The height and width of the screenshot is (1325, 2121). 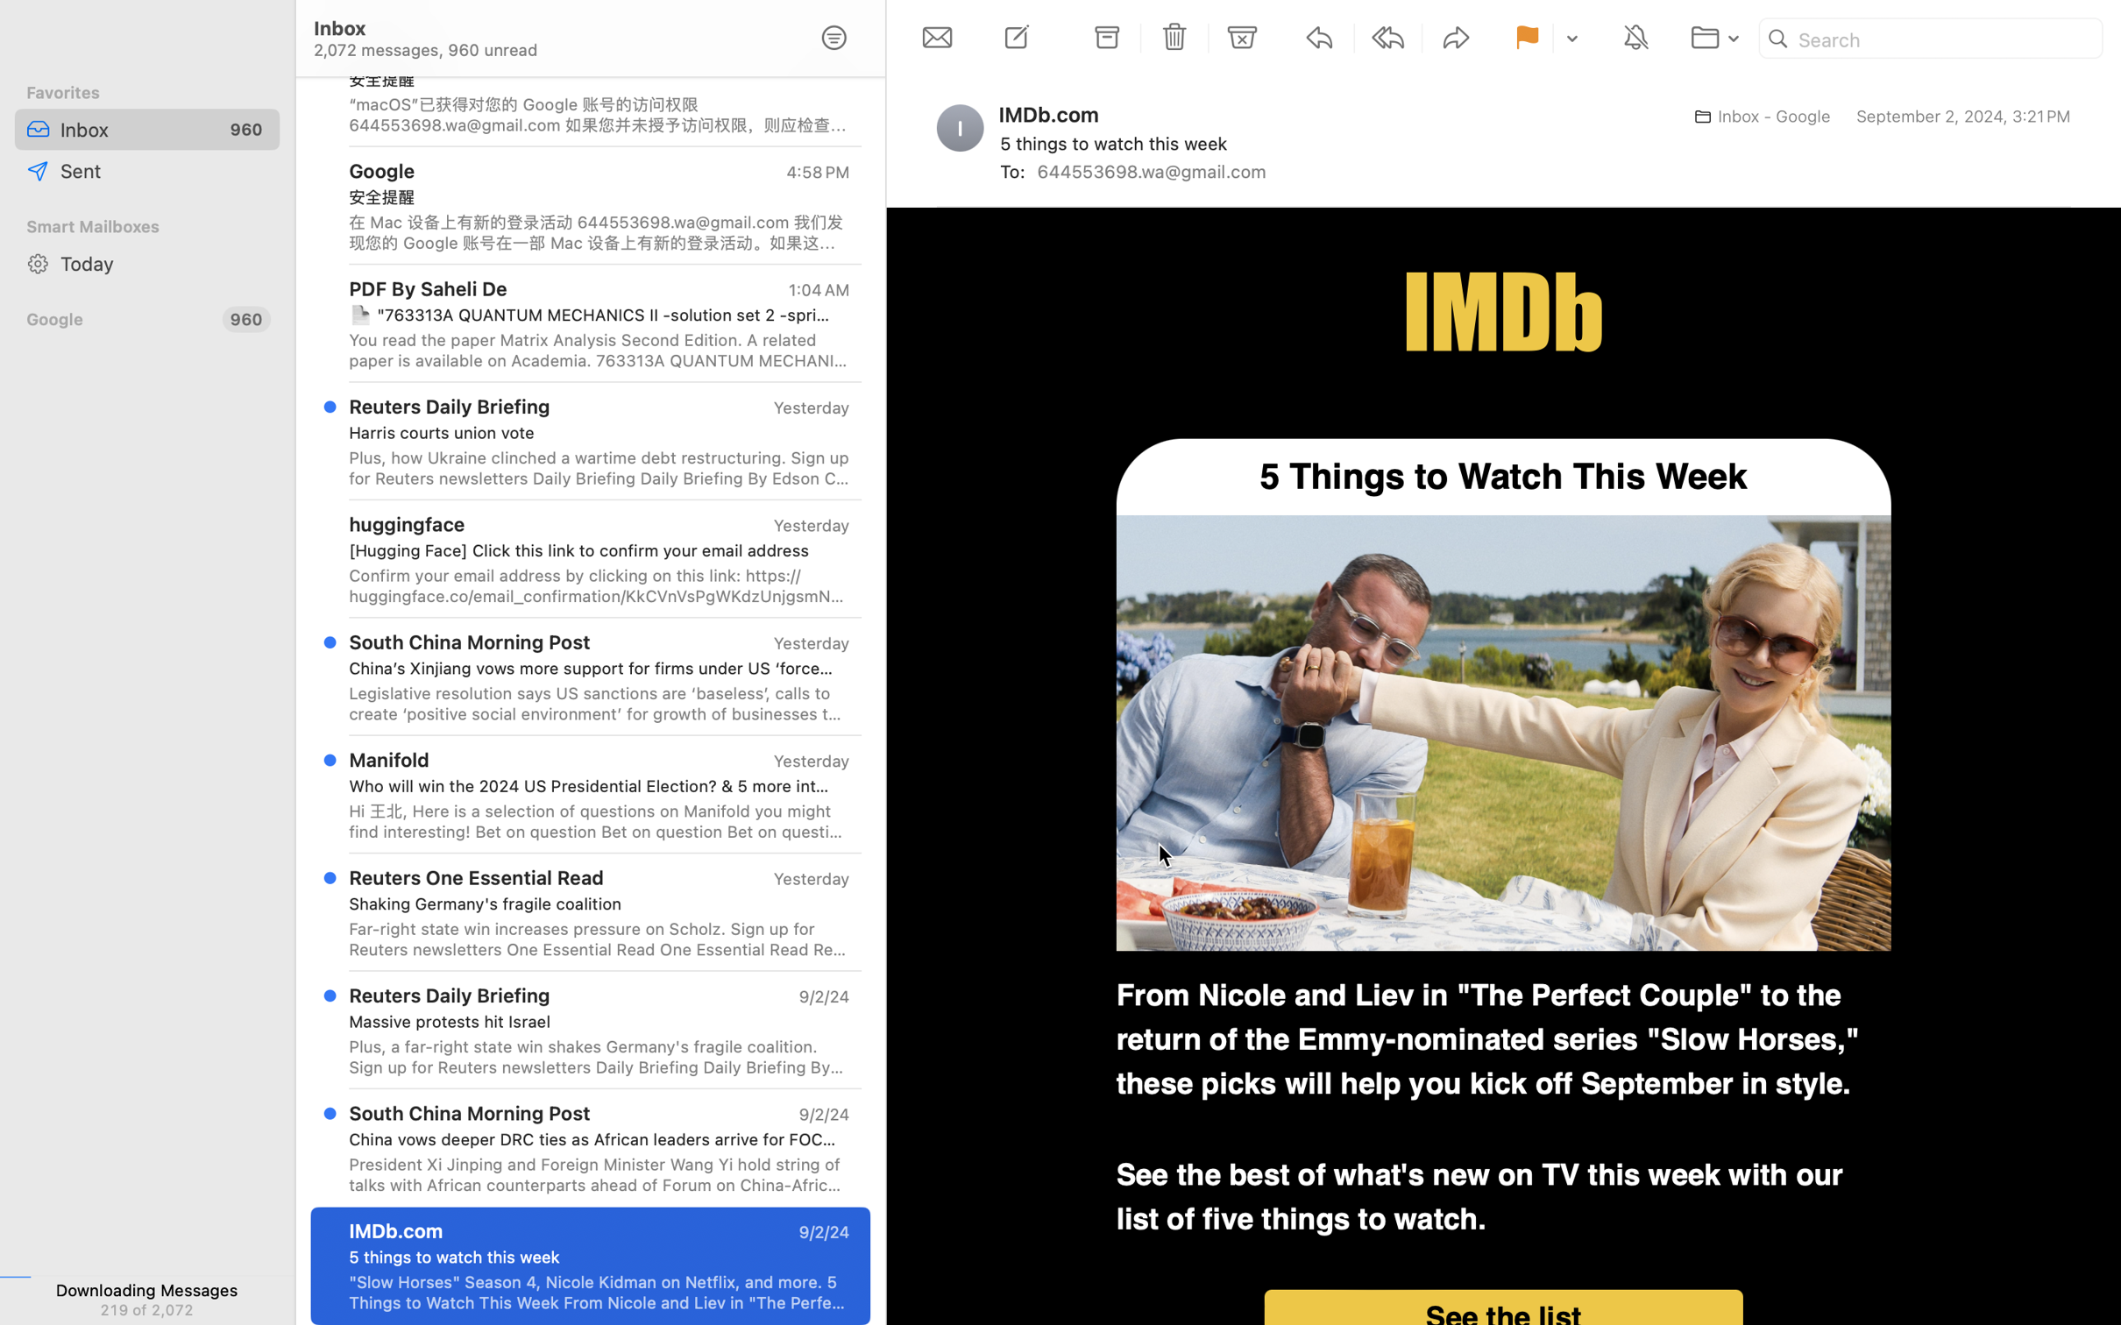 What do you see at coordinates (592, 433) in the screenshot?
I see `'Harris courts union vote'` at bounding box center [592, 433].